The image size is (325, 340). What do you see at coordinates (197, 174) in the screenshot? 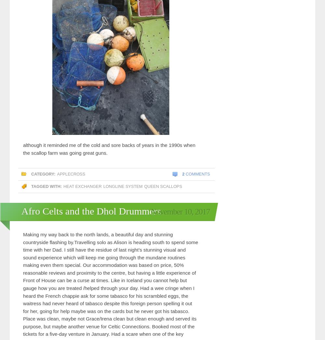
I see `'Comments'` at bounding box center [197, 174].